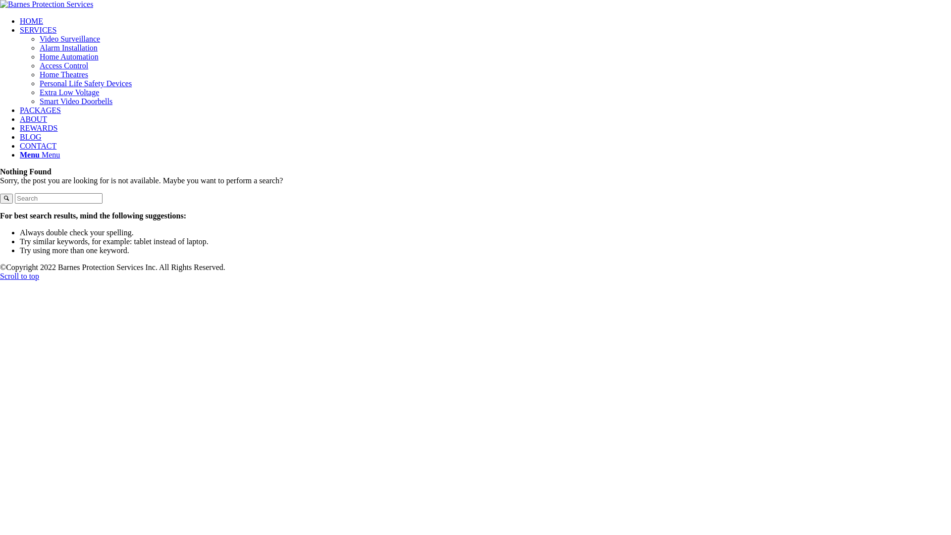  I want to click on 'SERVICES', so click(38, 29).